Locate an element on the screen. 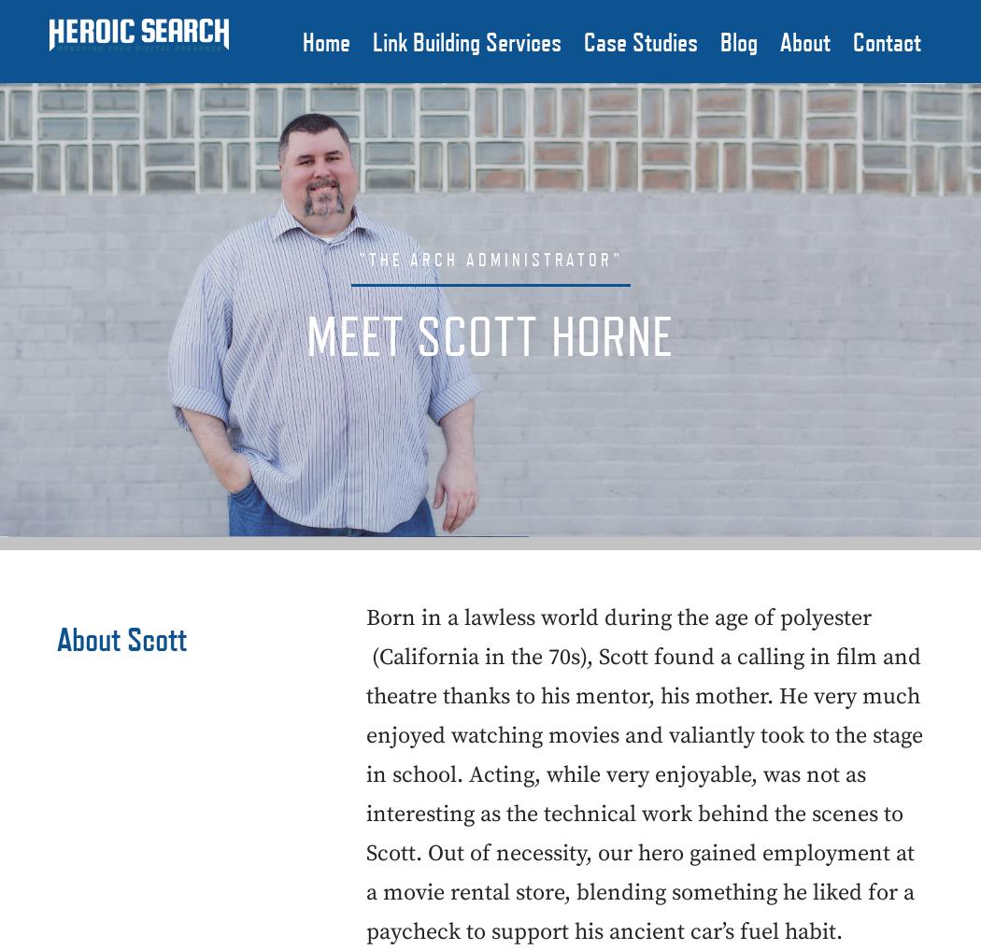  'NYC Office' is located at coordinates (901, 92).